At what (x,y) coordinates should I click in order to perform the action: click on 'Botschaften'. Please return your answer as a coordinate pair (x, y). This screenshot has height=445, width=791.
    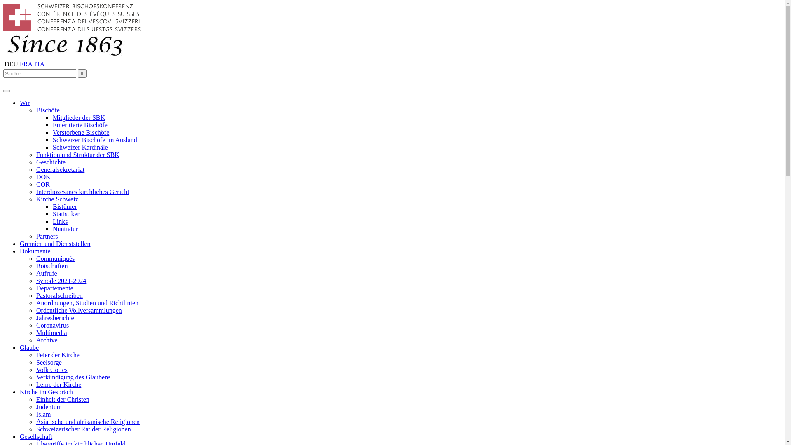
    Looking at the image, I should click on (51, 266).